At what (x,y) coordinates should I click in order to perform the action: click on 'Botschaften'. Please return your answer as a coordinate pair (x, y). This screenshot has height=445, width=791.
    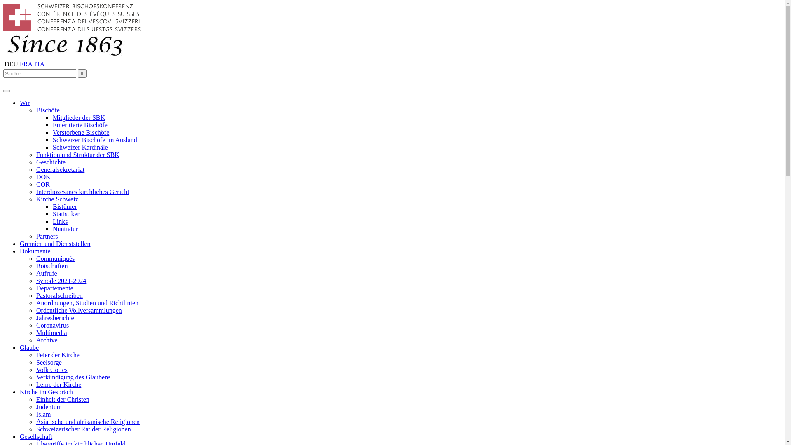
    Looking at the image, I should click on (51, 266).